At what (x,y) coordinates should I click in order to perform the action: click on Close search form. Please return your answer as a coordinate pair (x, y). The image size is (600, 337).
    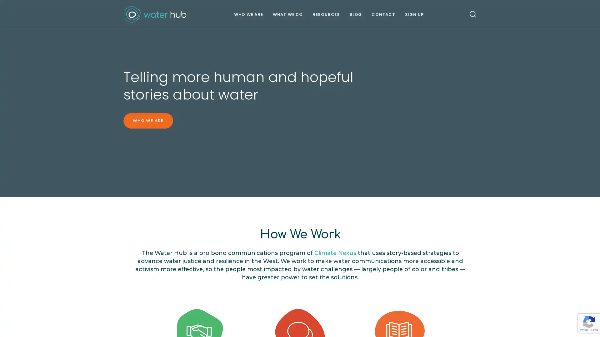
    Looking at the image, I should click on (577, 22).